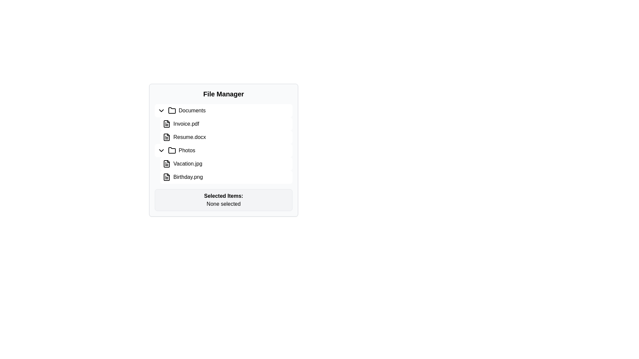  I want to click on the File entry item displaying 'Invoice.pdf' in the Documents folder, so click(224, 124).